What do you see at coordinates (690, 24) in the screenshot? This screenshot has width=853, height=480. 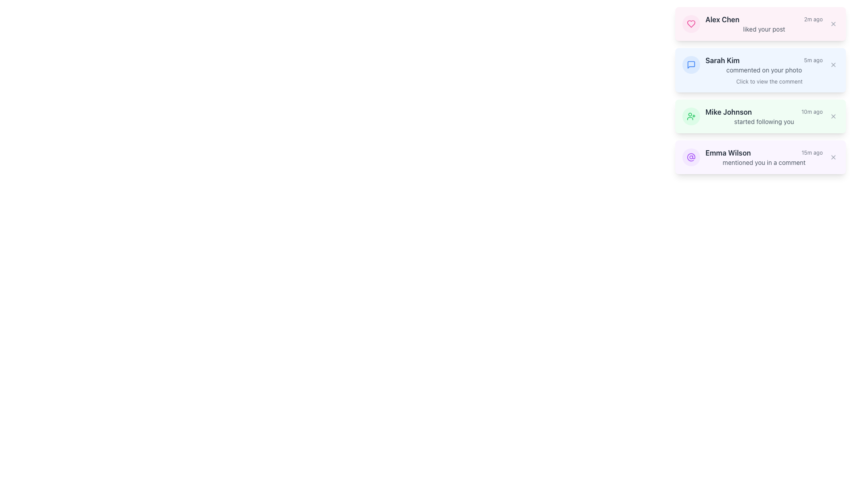 I see `the pink circular button with a heart icon located in the top-left corner of the notification from 'Alex Chen'` at bounding box center [690, 24].